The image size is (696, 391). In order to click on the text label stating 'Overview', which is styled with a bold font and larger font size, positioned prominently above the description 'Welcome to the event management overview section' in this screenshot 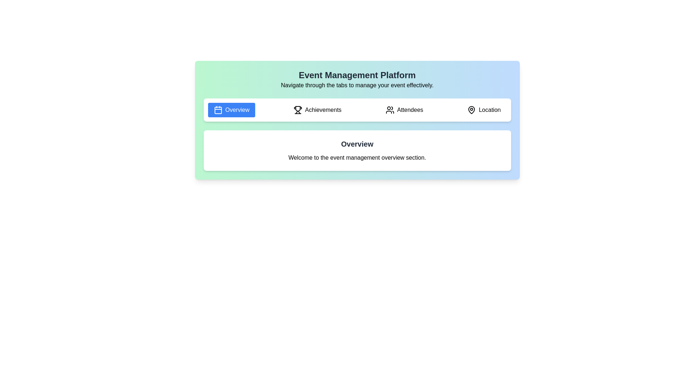, I will do `click(357, 144)`.